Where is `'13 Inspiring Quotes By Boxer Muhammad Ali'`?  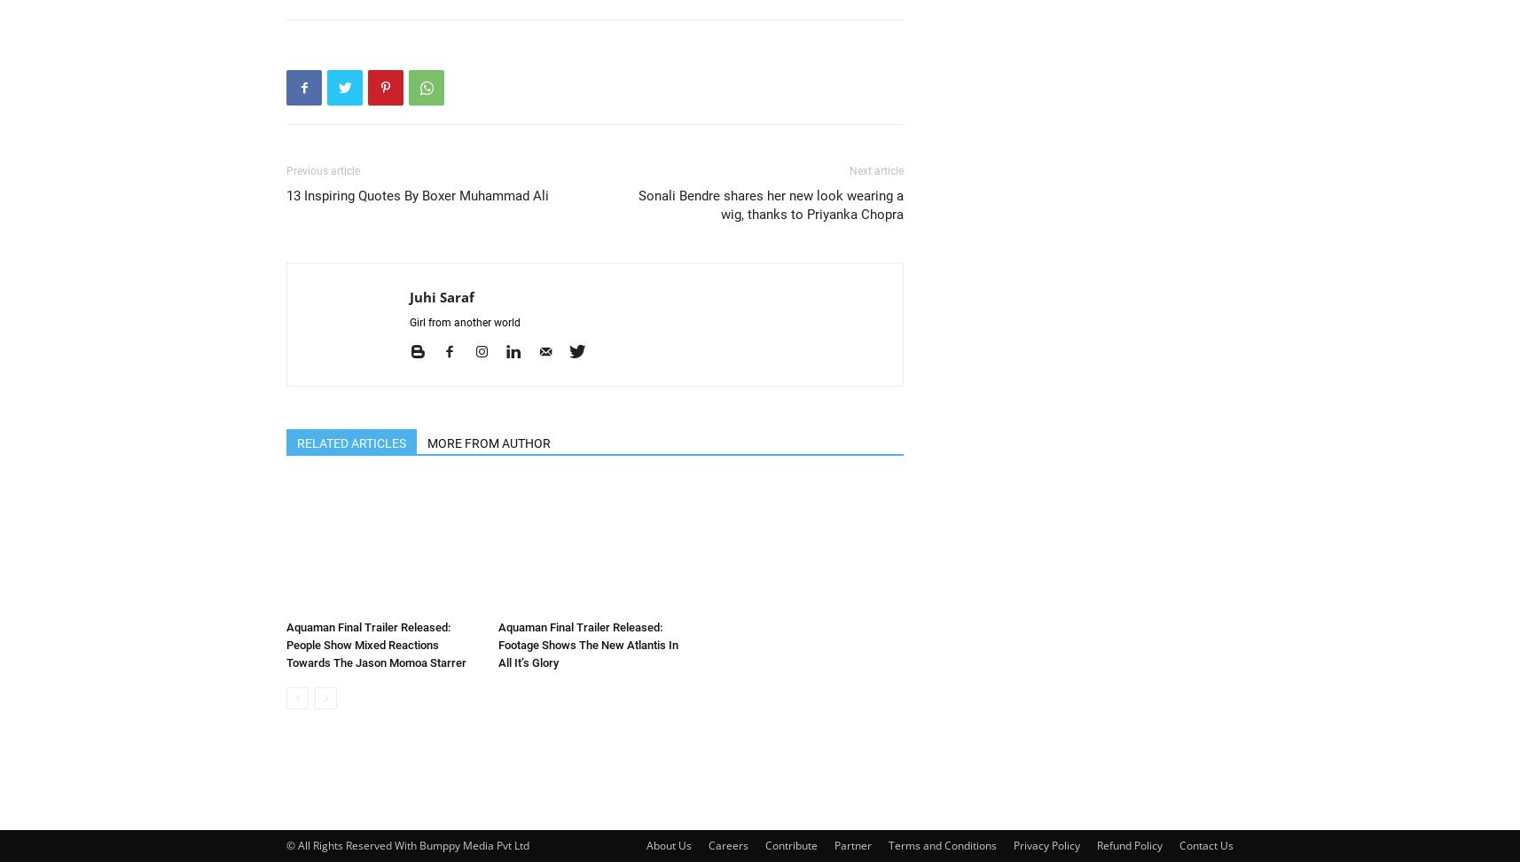
'13 Inspiring Quotes By Boxer Muhammad Ali' is located at coordinates (418, 195).